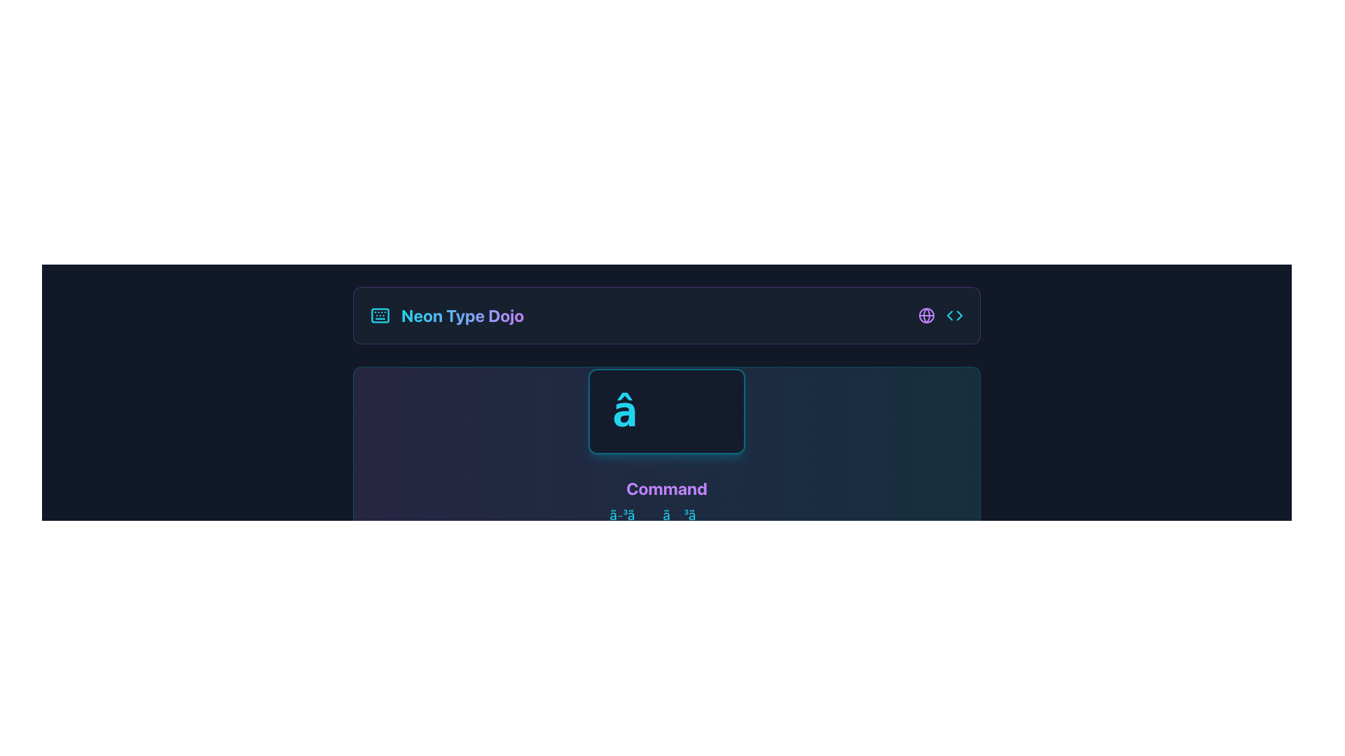  I want to click on the circular globe icon with a purple stroke, featuring horizontal and vertical lines, located on the far left of the horizontal group of icons near the top-right corner of the interface, so click(927, 316).